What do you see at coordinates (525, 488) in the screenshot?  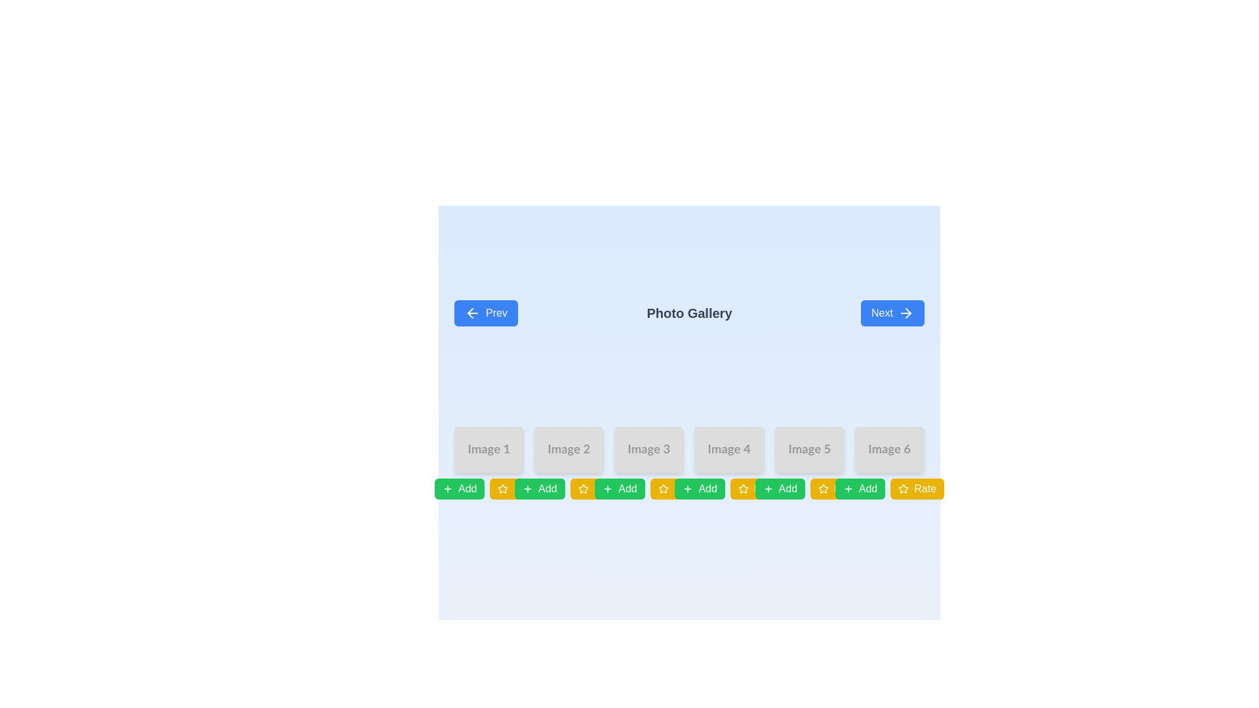 I see `text label displaying 'Rate', which is part of a yellow button on the far-right side of a button interface` at bounding box center [525, 488].